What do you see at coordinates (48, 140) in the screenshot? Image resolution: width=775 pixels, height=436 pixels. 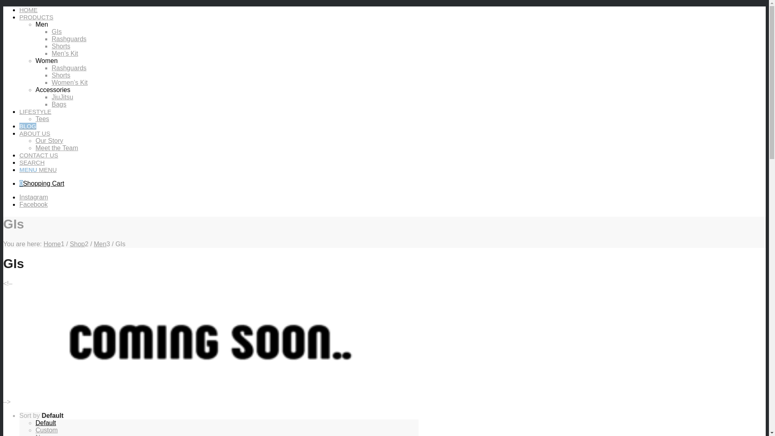 I see `'Our Story'` at bounding box center [48, 140].